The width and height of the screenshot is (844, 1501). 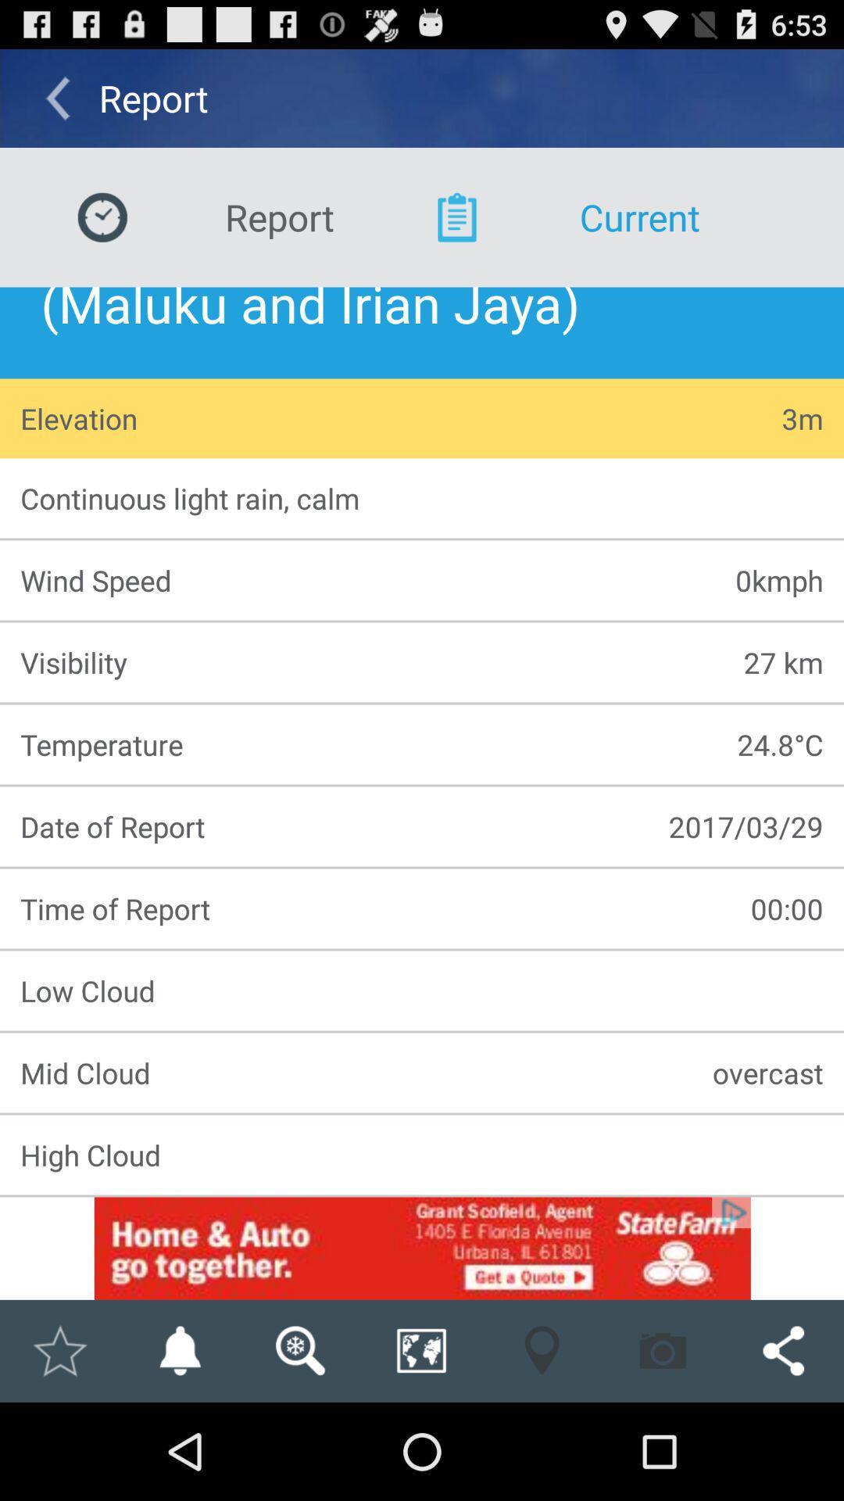 What do you see at coordinates (783, 1350) in the screenshot?
I see `share this` at bounding box center [783, 1350].